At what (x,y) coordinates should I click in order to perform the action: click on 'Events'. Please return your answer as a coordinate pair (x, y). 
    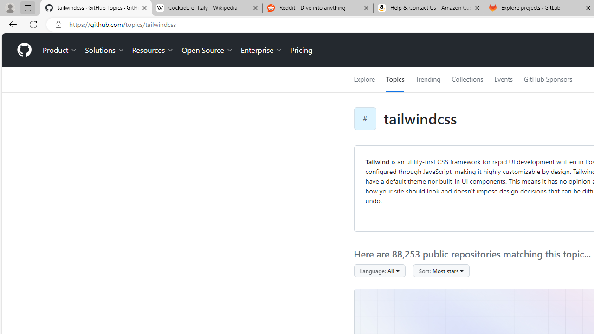
    Looking at the image, I should click on (503, 79).